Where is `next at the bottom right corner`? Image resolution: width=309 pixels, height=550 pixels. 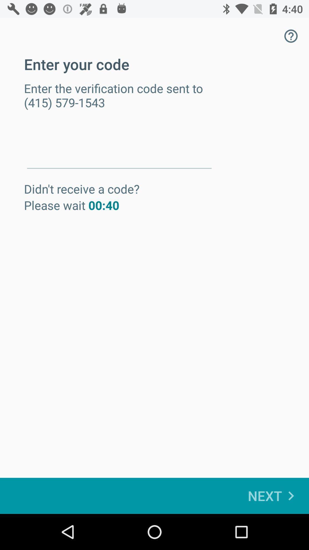
next at the bottom right corner is located at coordinates (274, 496).